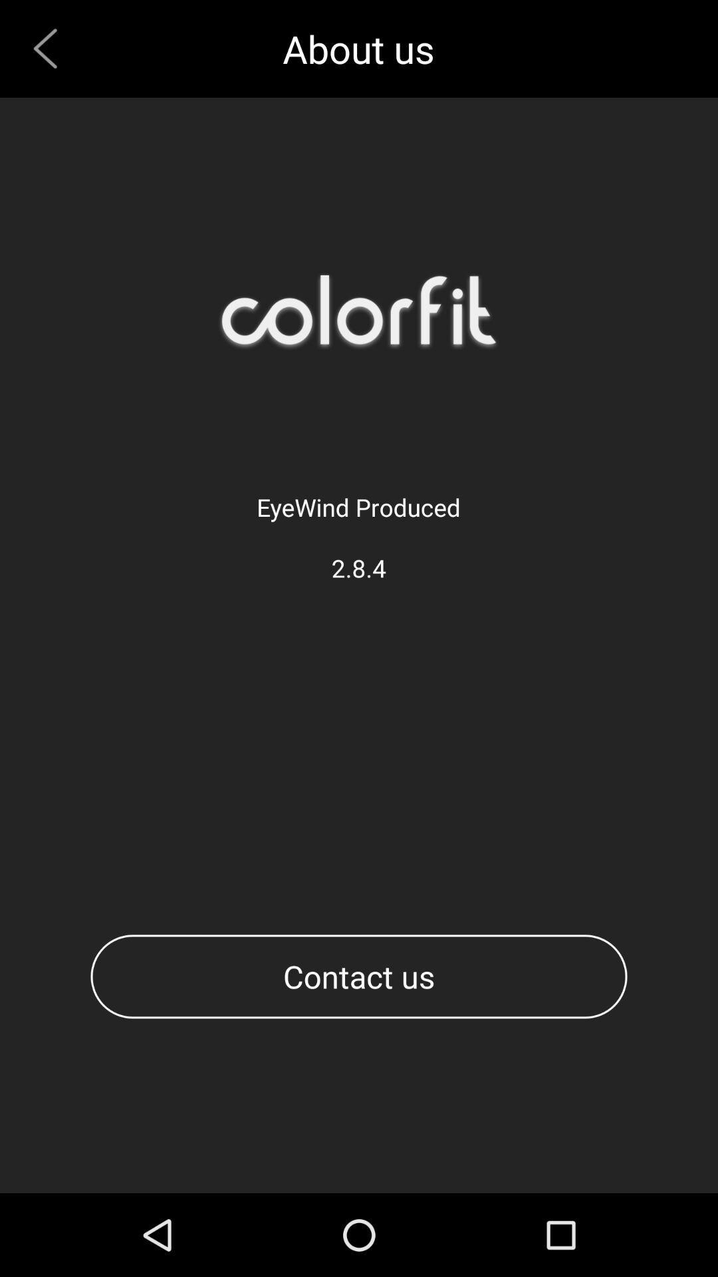 The height and width of the screenshot is (1277, 718). Describe the element at coordinates (359, 976) in the screenshot. I see `the contact us icon` at that location.